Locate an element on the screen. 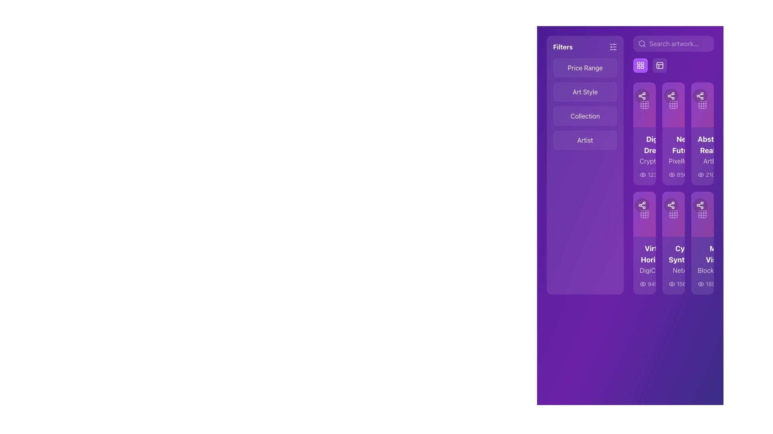  the icon button that resembles nodes and links, symbolizing sharing, which is displayed in white within a circular button on a translucent black background is located at coordinates (699, 96).